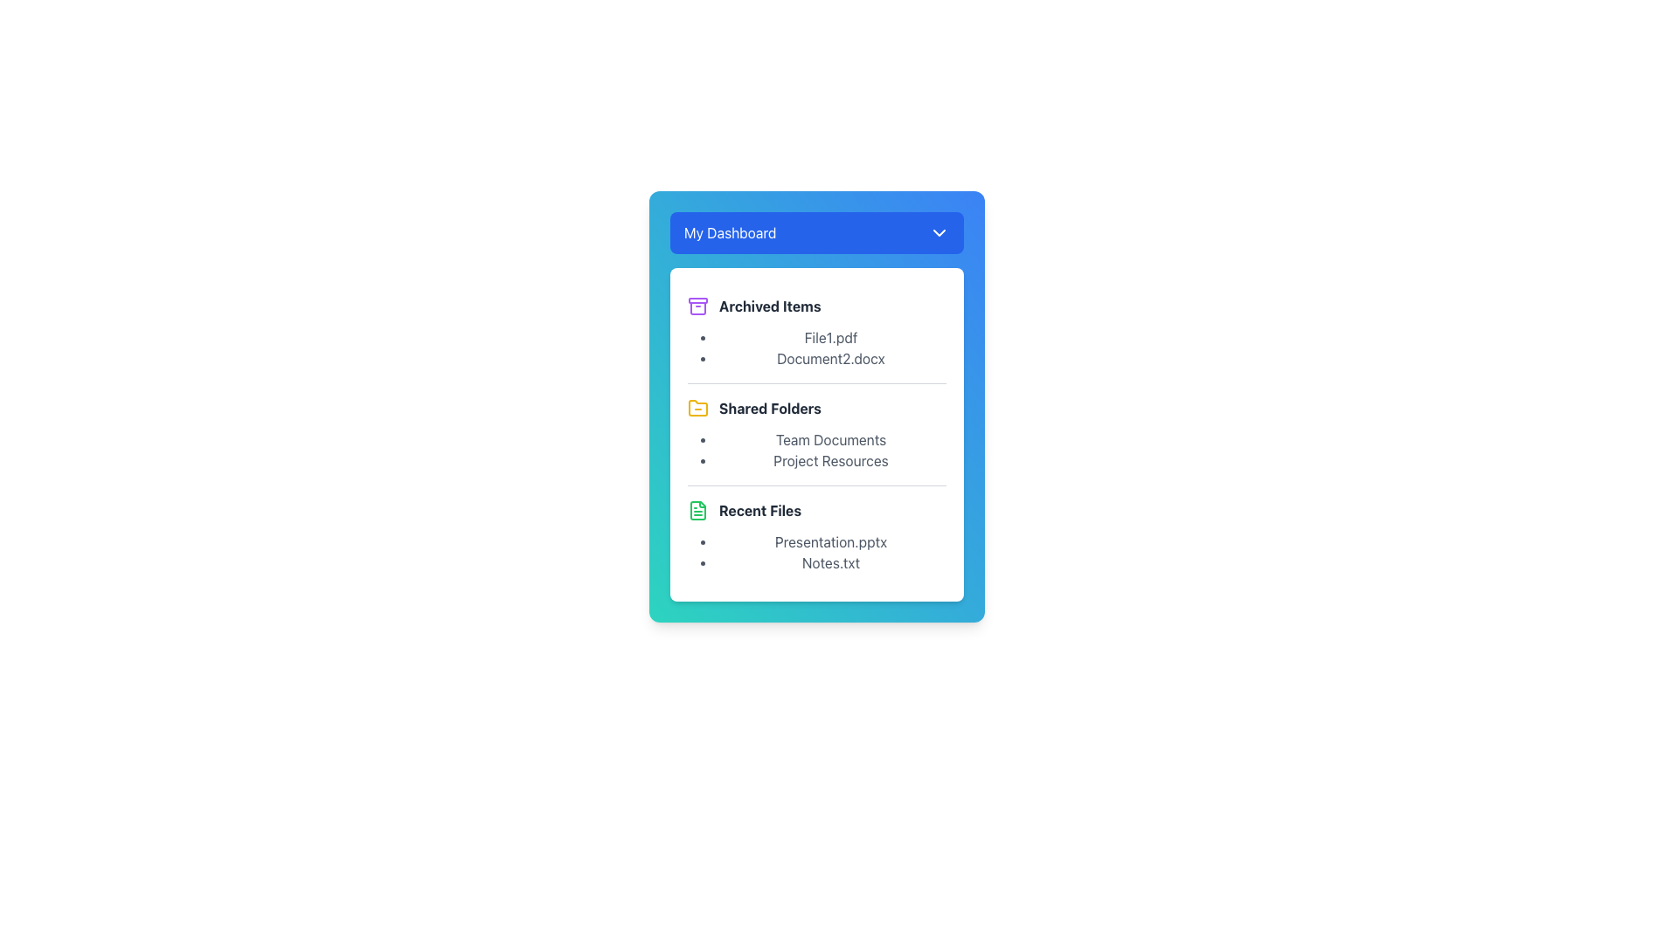 The width and height of the screenshot is (1678, 943). I want to click on the downward-pointing chevron arrow icon located on the right-hand side of the 'My Dashboard' blue header bar, so click(939, 231).